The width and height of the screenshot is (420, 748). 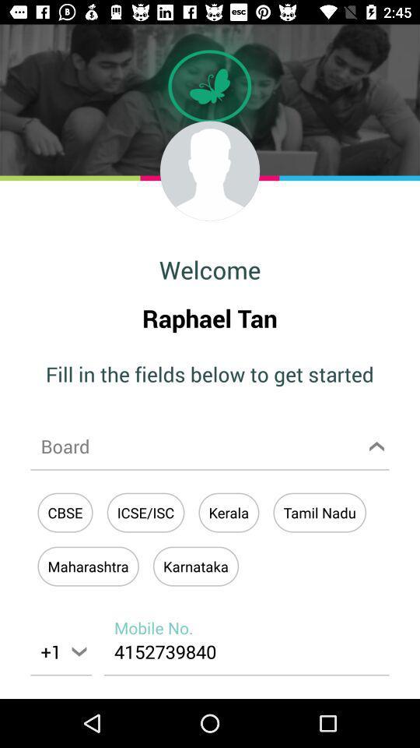 I want to click on an option, so click(x=210, y=446).